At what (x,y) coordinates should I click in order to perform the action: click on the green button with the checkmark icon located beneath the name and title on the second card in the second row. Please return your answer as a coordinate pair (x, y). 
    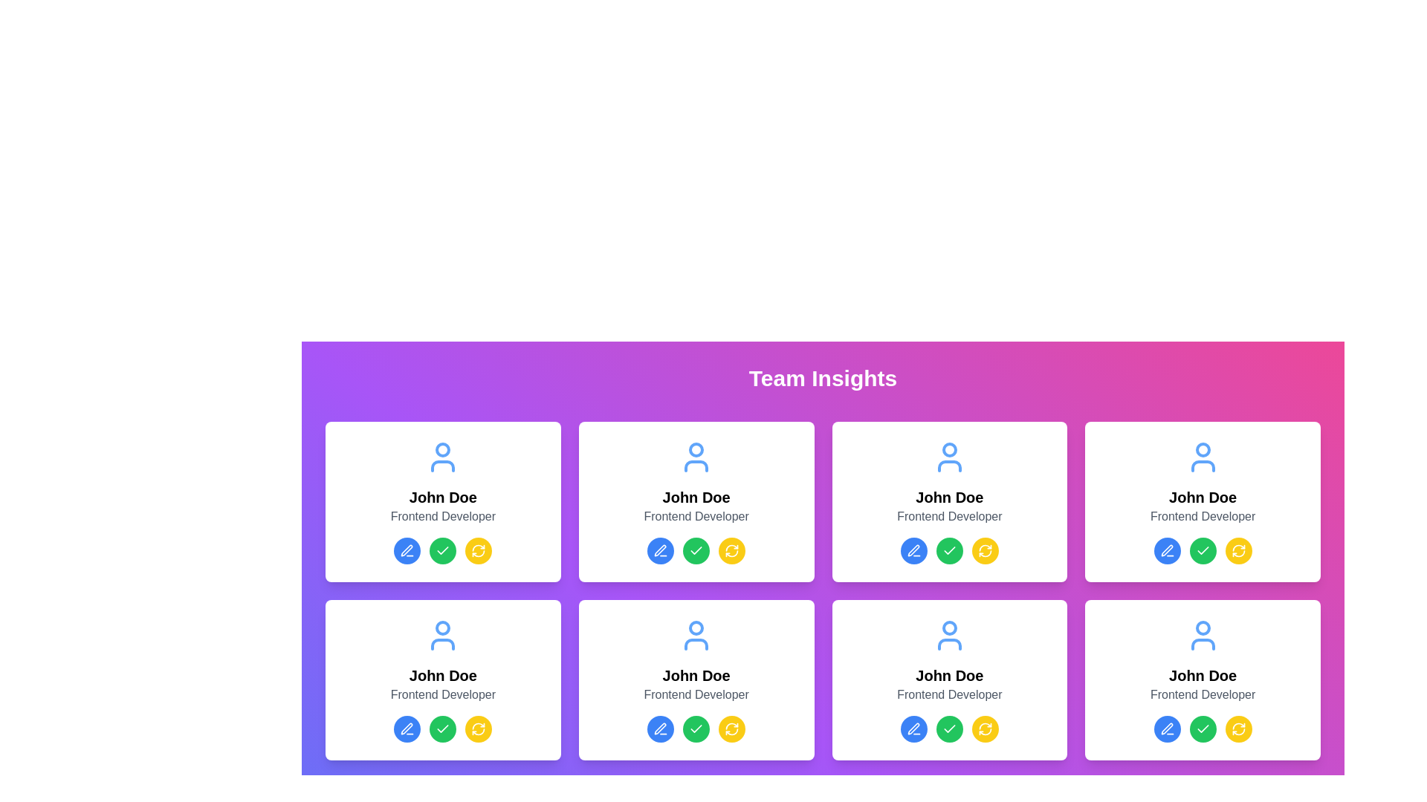
    Looking at the image, I should click on (696, 550).